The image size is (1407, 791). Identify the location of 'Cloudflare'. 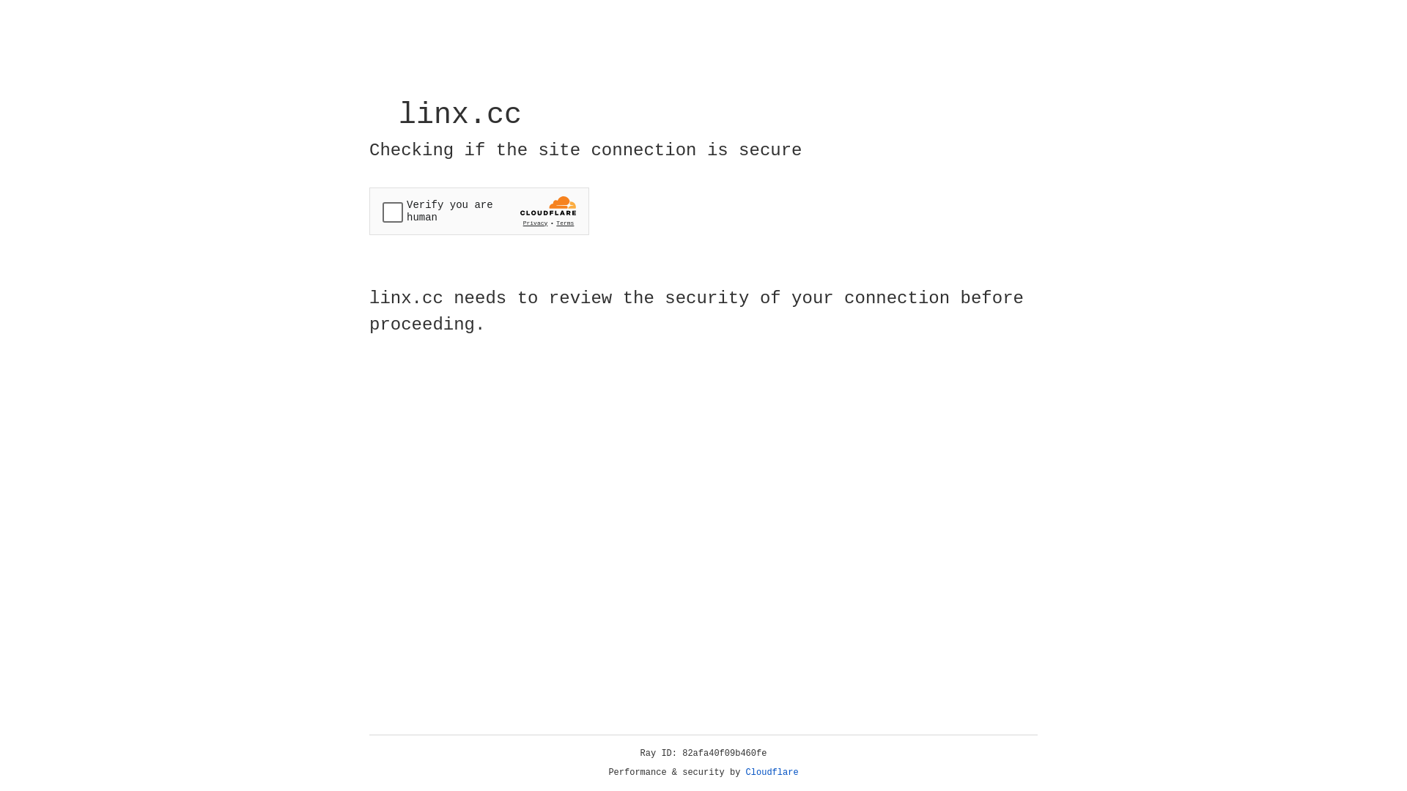
(772, 772).